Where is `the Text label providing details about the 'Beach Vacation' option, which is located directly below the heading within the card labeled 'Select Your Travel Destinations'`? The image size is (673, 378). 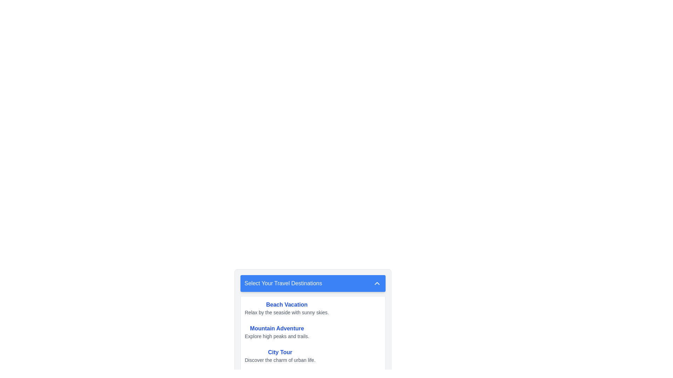 the Text label providing details about the 'Beach Vacation' option, which is located directly below the heading within the card labeled 'Select Your Travel Destinations' is located at coordinates (287, 312).